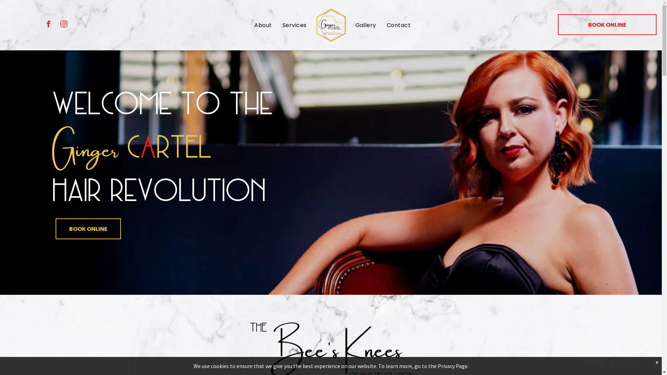  I want to click on 'Gallery', so click(350, 25).